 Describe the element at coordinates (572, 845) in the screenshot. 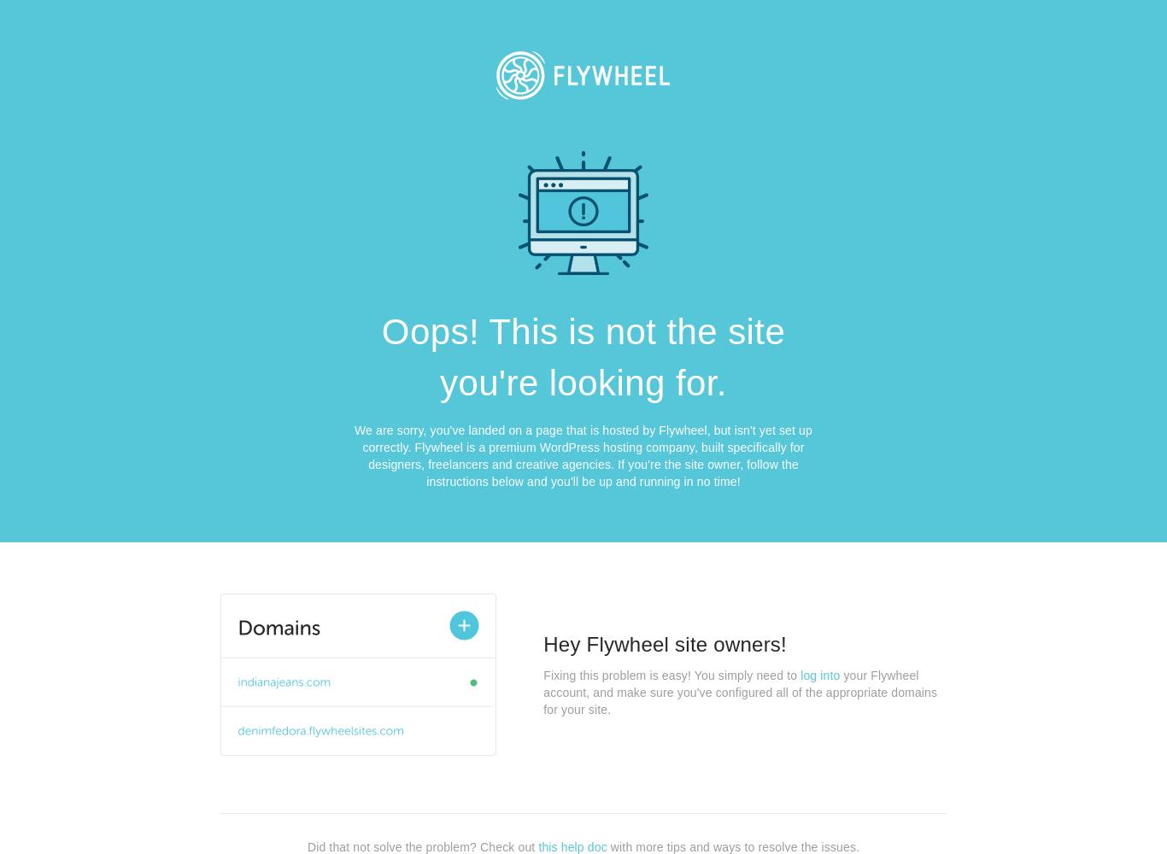

I see `'this help doc'` at that location.